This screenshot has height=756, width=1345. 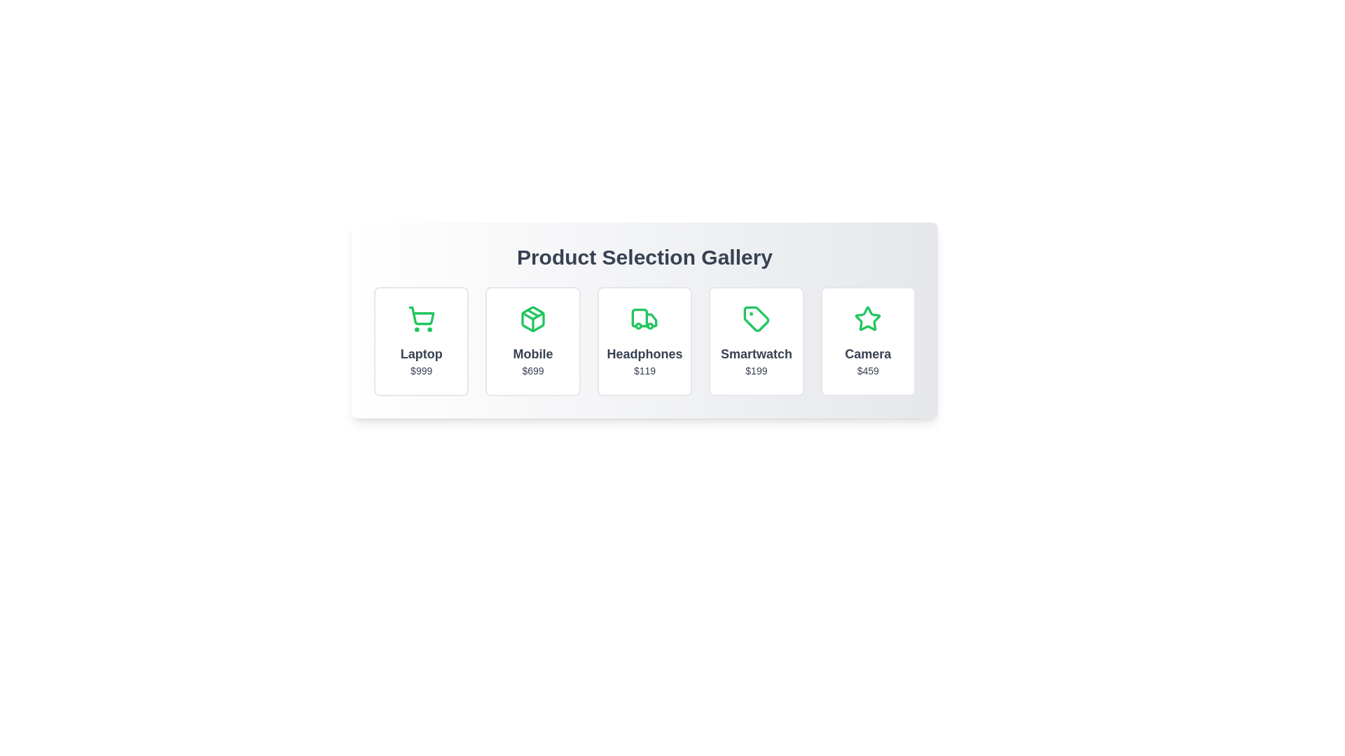 What do you see at coordinates (420, 353) in the screenshot?
I see `text content of the label that indicates the product category, which is located on the leftmost card in the product selection gallery, below the green shopping cart icon and above the '$999' text` at bounding box center [420, 353].